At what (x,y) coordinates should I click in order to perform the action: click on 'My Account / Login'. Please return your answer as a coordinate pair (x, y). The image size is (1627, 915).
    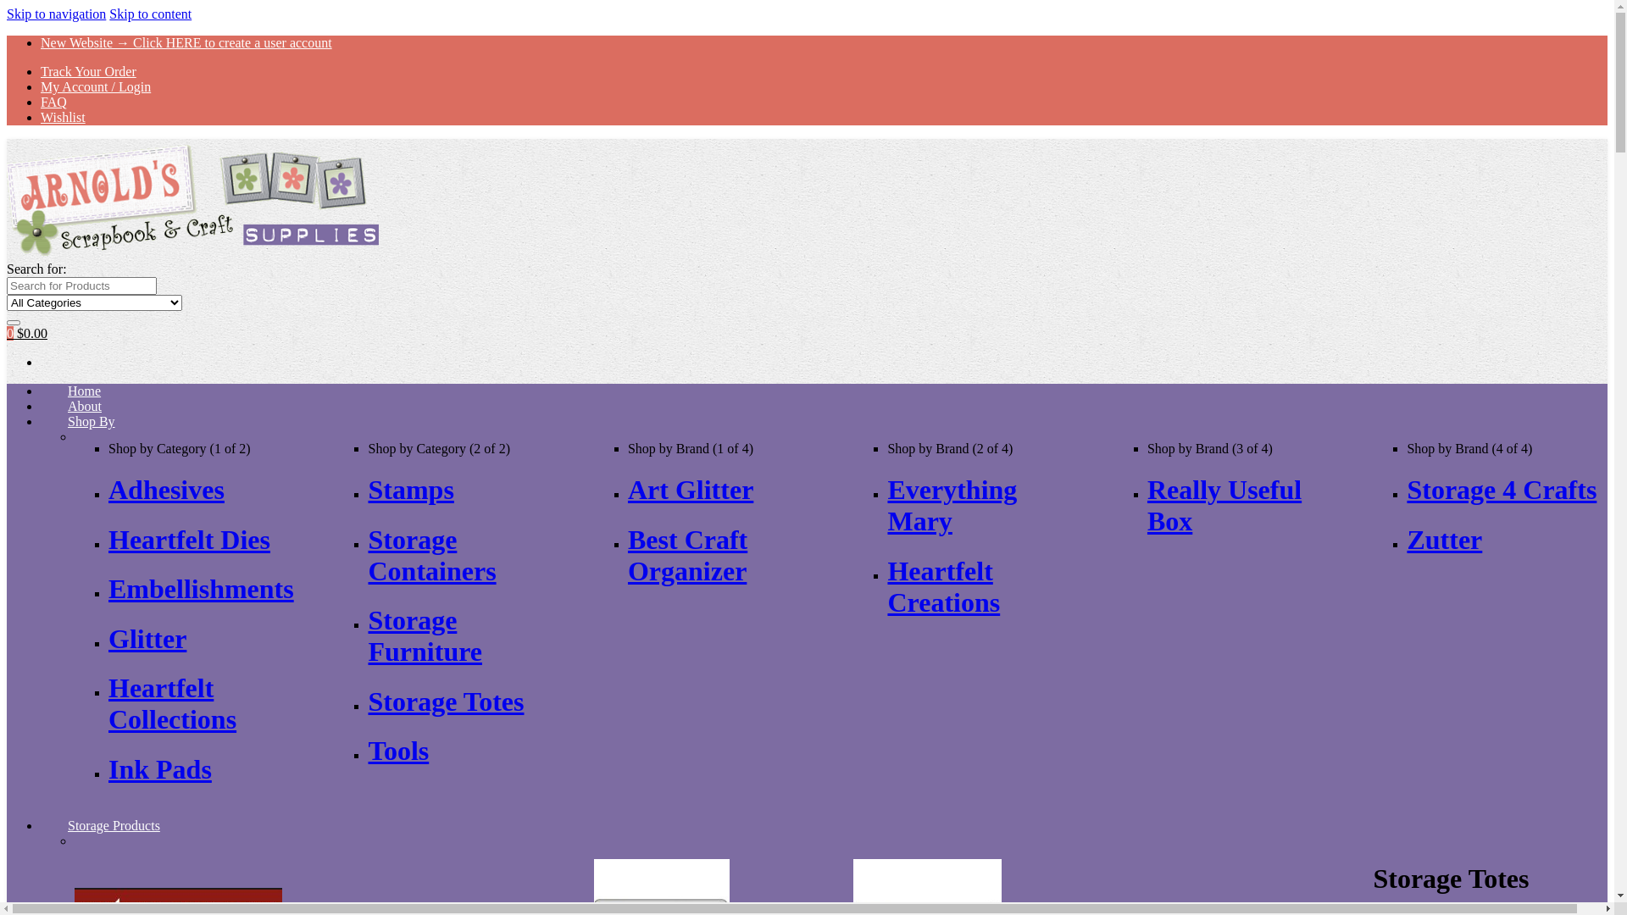
    Looking at the image, I should click on (95, 86).